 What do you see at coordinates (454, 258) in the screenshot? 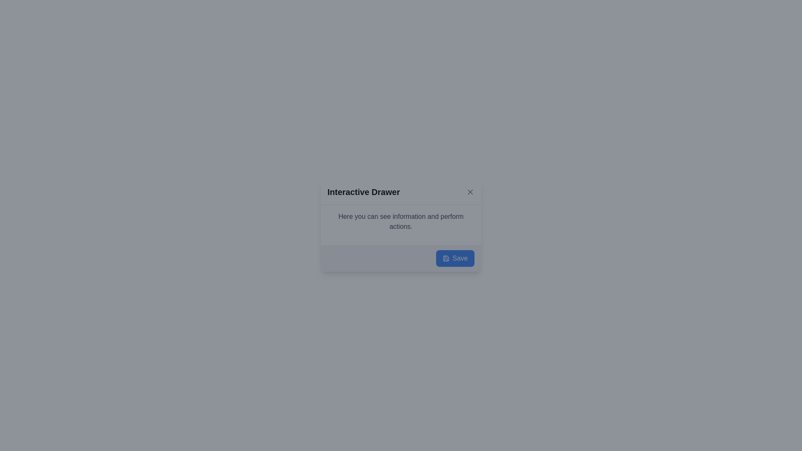
I see `the 'Save' button with a blue background and white text located in the bottom-right corner of the 'Interactive Drawer' dialog` at bounding box center [454, 258].